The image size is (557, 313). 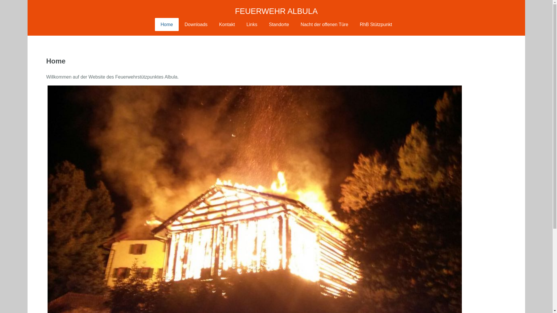 What do you see at coordinates (196, 24) in the screenshot?
I see `'Downloads'` at bounding box center [196, 24].